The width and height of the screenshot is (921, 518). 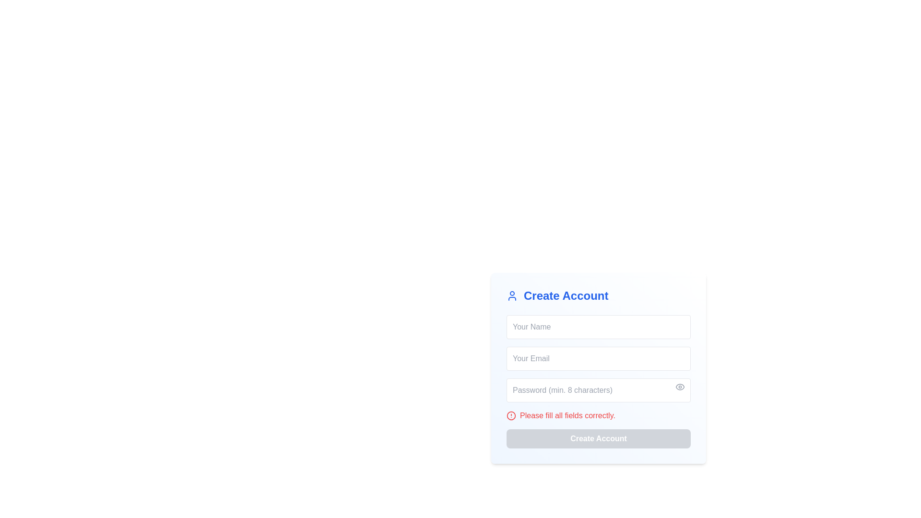 What do you see at coordinates (598, 390) in the screenshot?
I see `the password input field with rounded borders and placeholder text 'Password (min. 8 characters)' to focus it` at bounding box center [598, 390].